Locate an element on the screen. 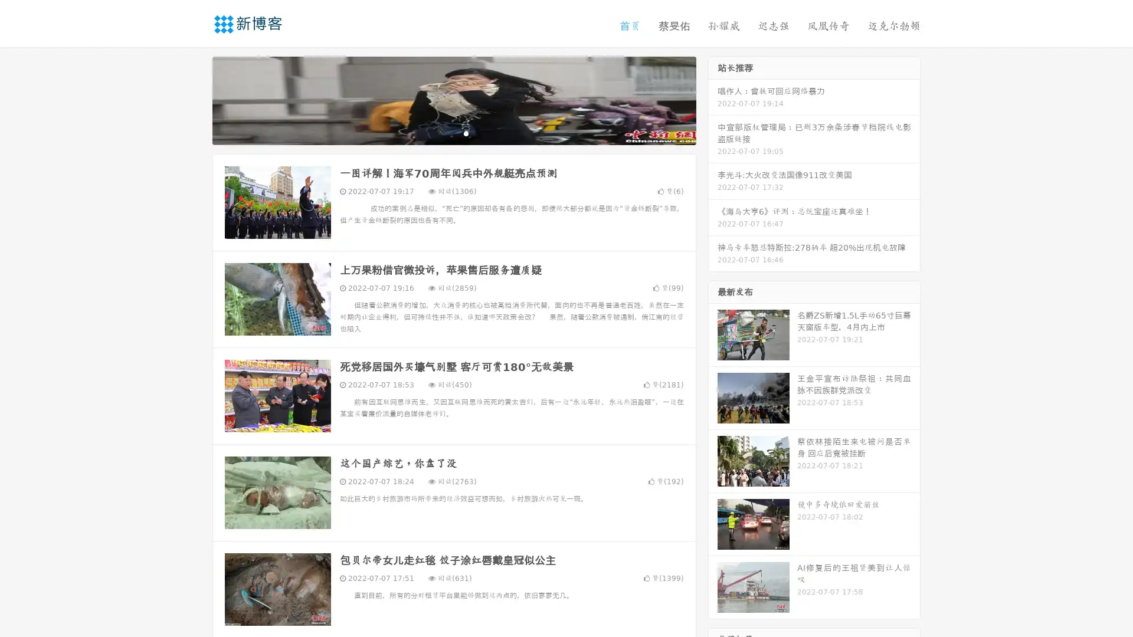  Previous slide is located at coordinates (195, 99).